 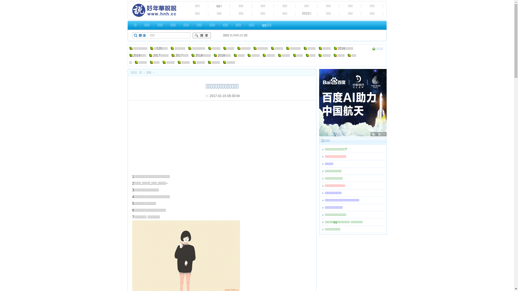 I want to click on 'm.hnh.cc', so click(x=236, y=35).